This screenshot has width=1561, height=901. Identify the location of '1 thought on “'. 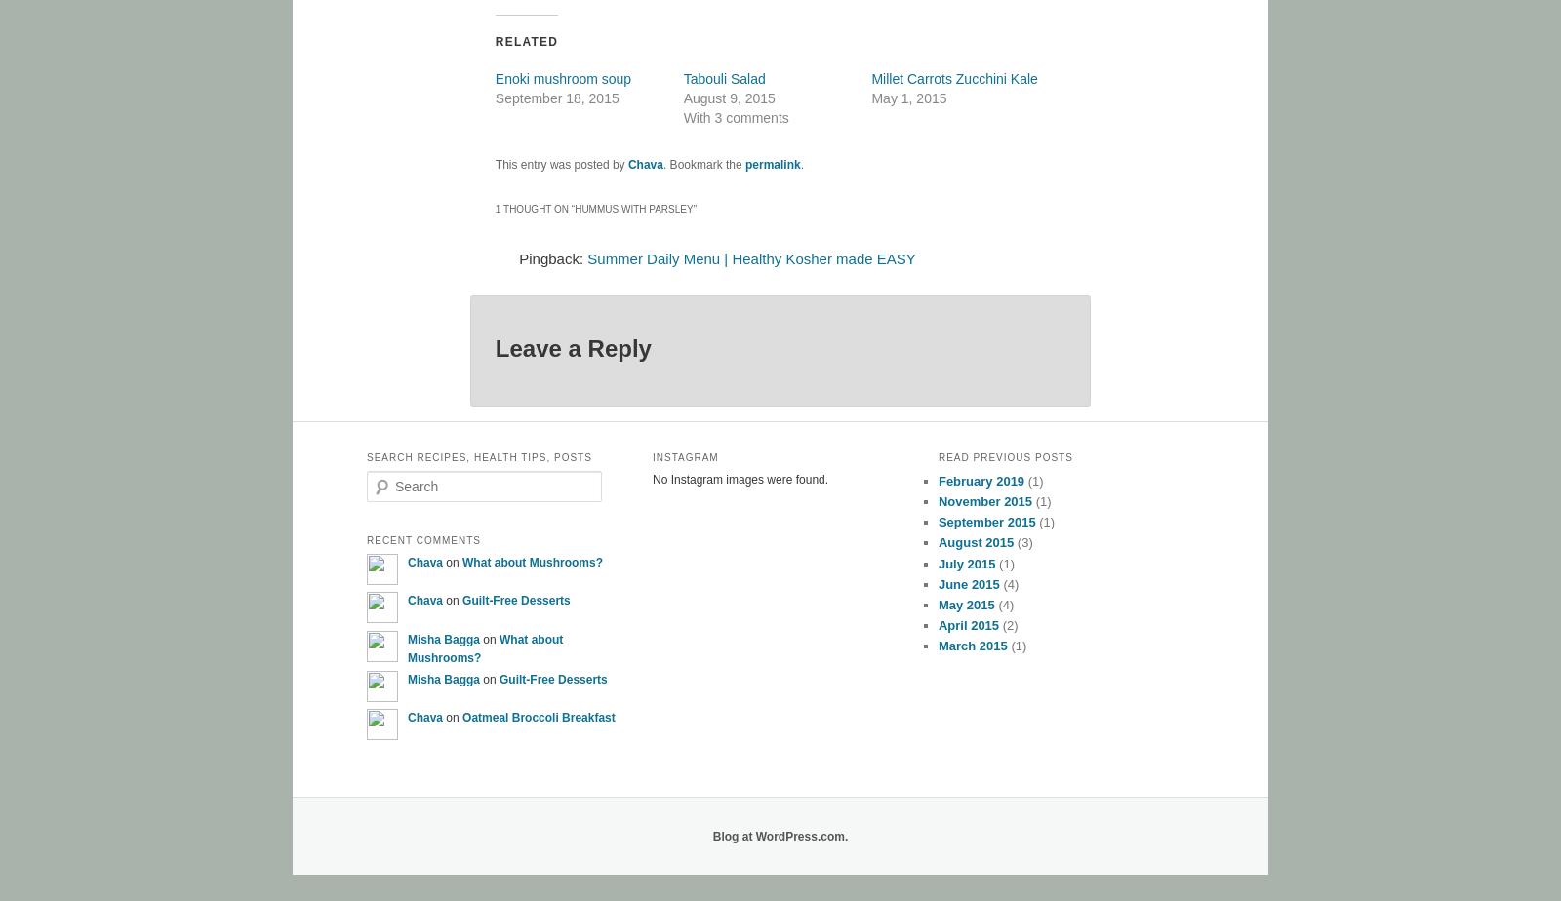
(494, 209).